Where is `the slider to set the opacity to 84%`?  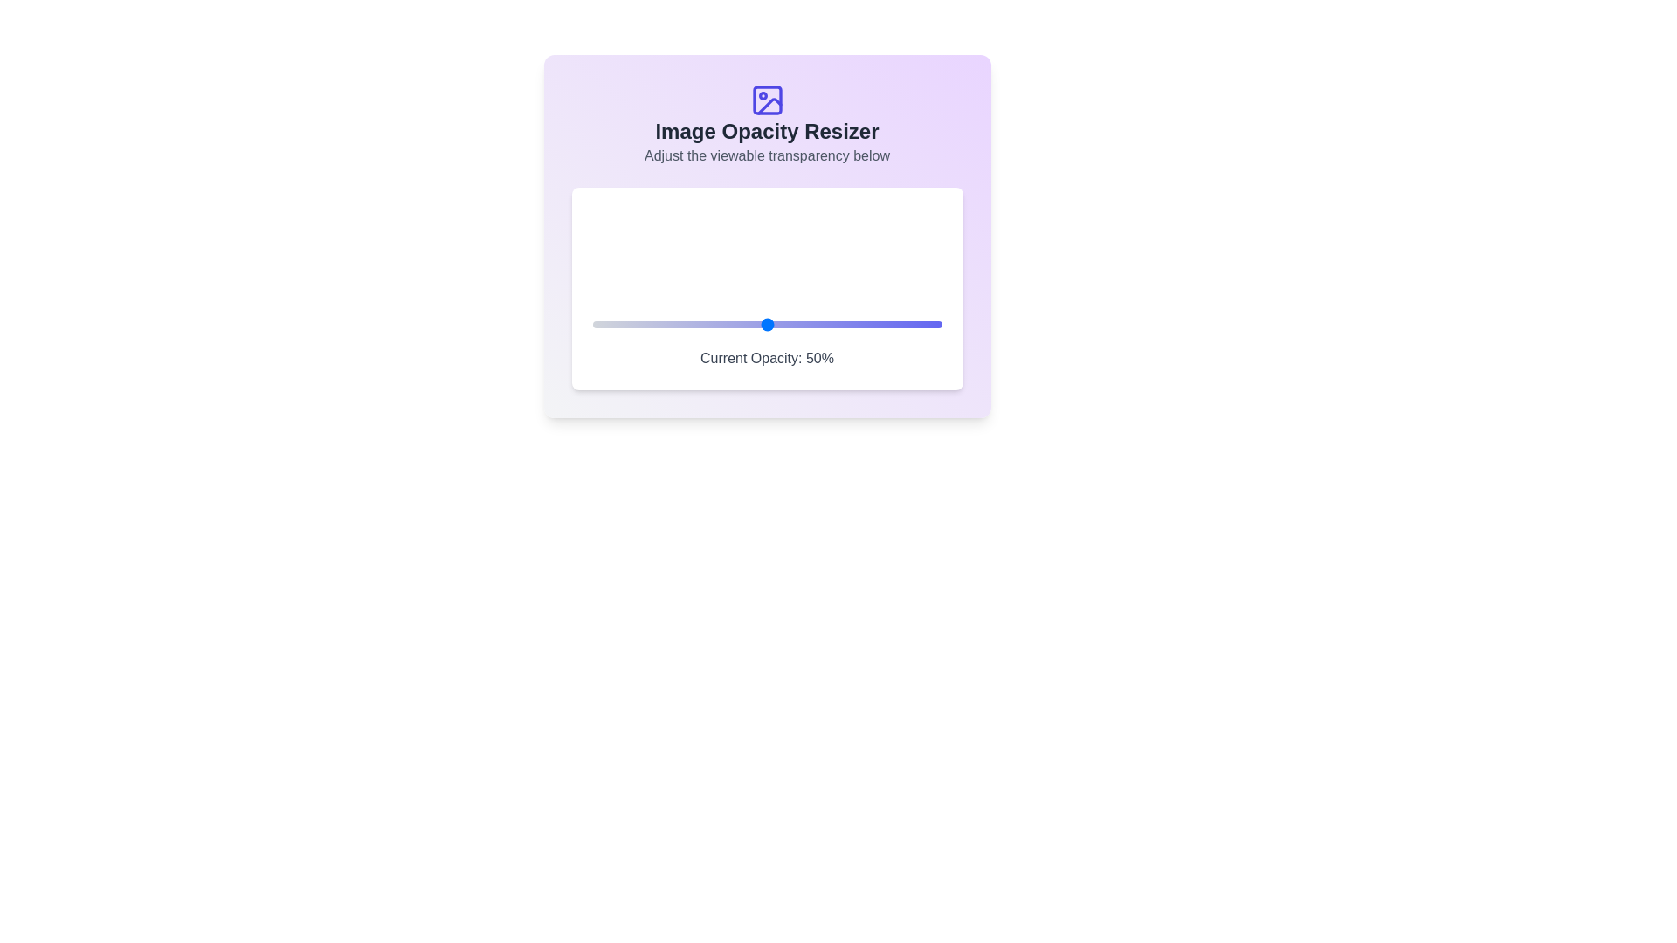 the slider to set the opacity to 84% is located at coordinates (886, 324).